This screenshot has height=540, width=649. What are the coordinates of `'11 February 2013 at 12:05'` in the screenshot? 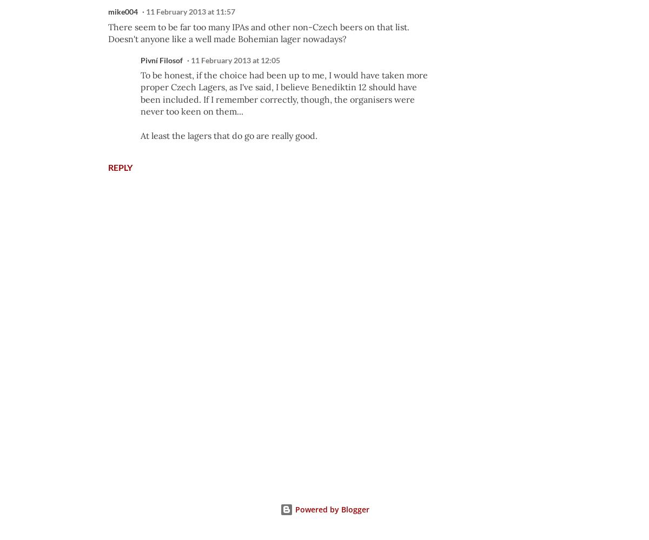 It's located at (235, 59).